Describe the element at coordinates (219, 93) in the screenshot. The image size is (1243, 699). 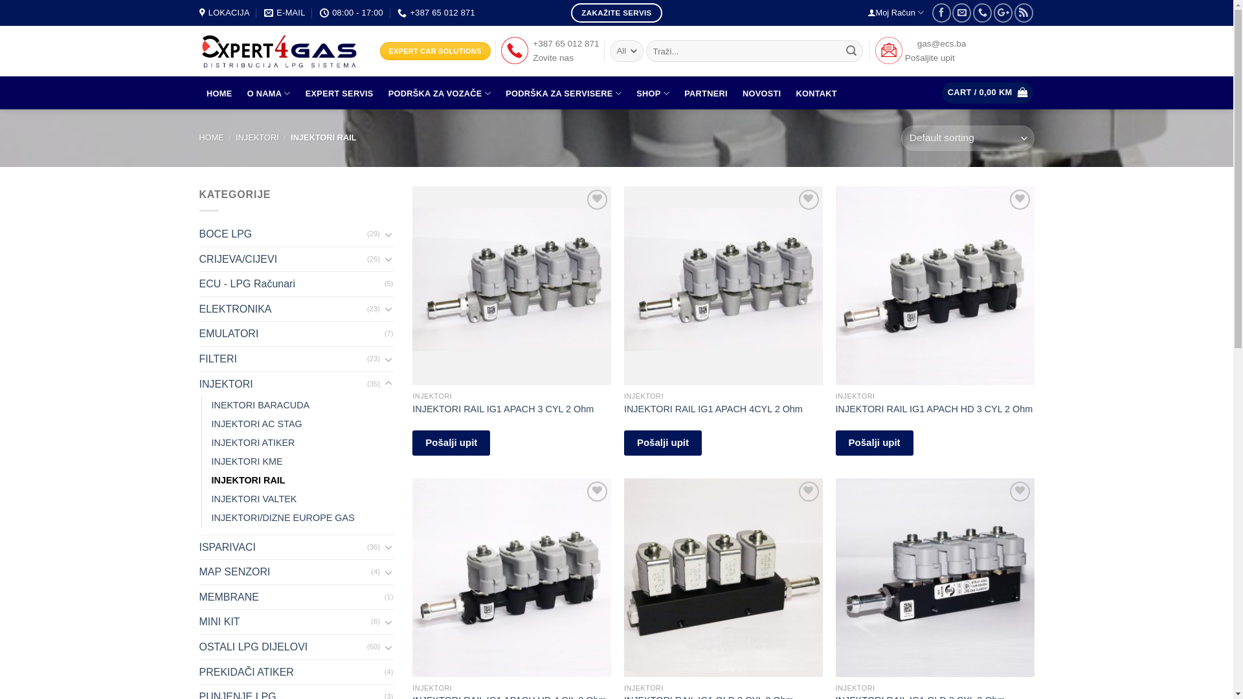
I see `'HOME'` at that location.